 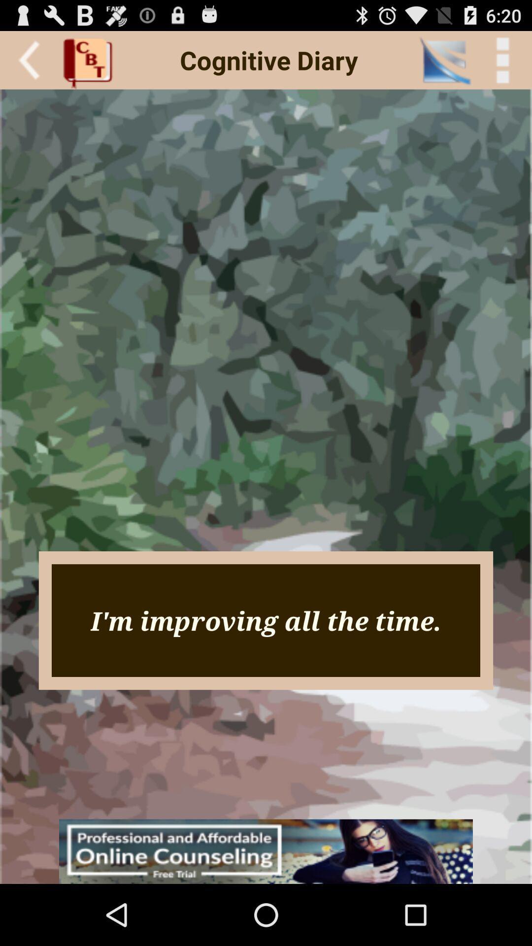 What do you see at coordinates (444, 60) in the screenshot?
I see `item to the right of cognitive diary item` at bounding box center [444, 60].